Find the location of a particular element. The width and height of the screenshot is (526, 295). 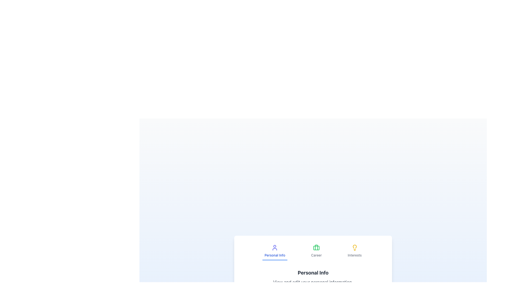

the small green outlined briefcase icon located above the 'Career' text is located at coordinates (316, 247).